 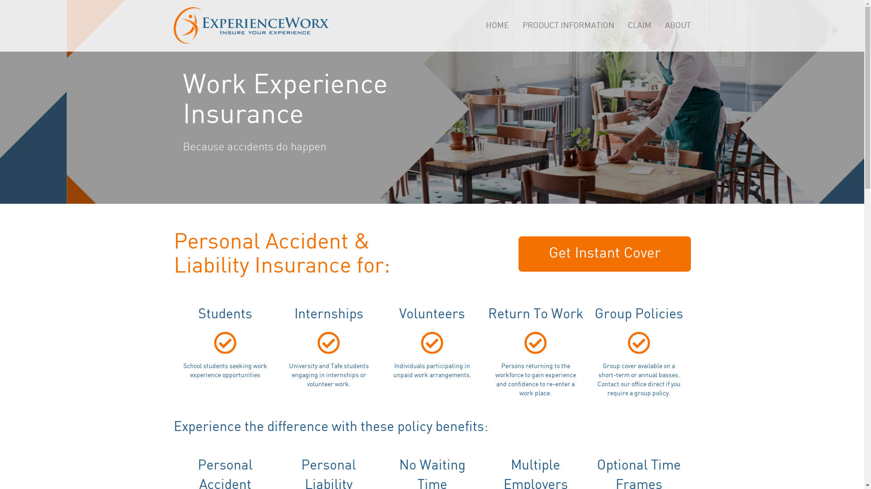 I want to click on 'PRODUCT INFORMATION', so click(x=568, y=25).